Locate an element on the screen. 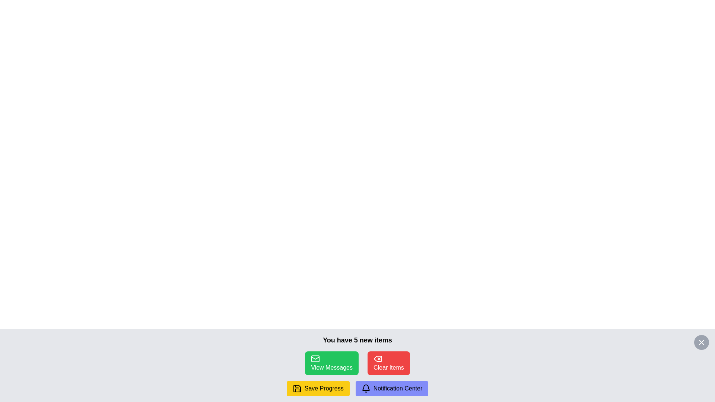 Image resolution: width=715 pixels, height=402 pixels. the button with an icon and text that directs users to the Notification Center is located at coordinates (391, 388).